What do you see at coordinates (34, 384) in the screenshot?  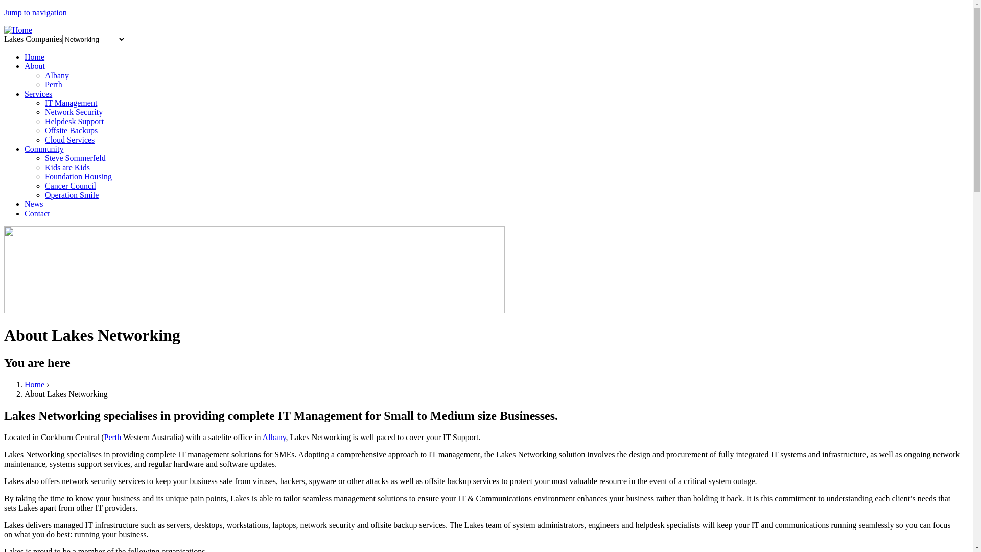 I see `'Home'` at bounding box center [34, 384].